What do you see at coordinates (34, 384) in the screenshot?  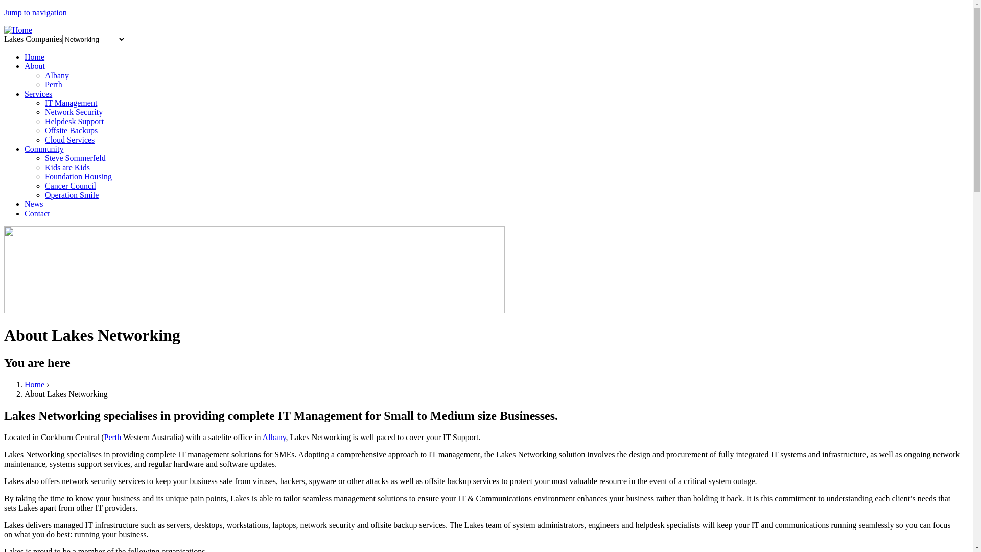 I see `'Home'` at bounding box center [34, 384].